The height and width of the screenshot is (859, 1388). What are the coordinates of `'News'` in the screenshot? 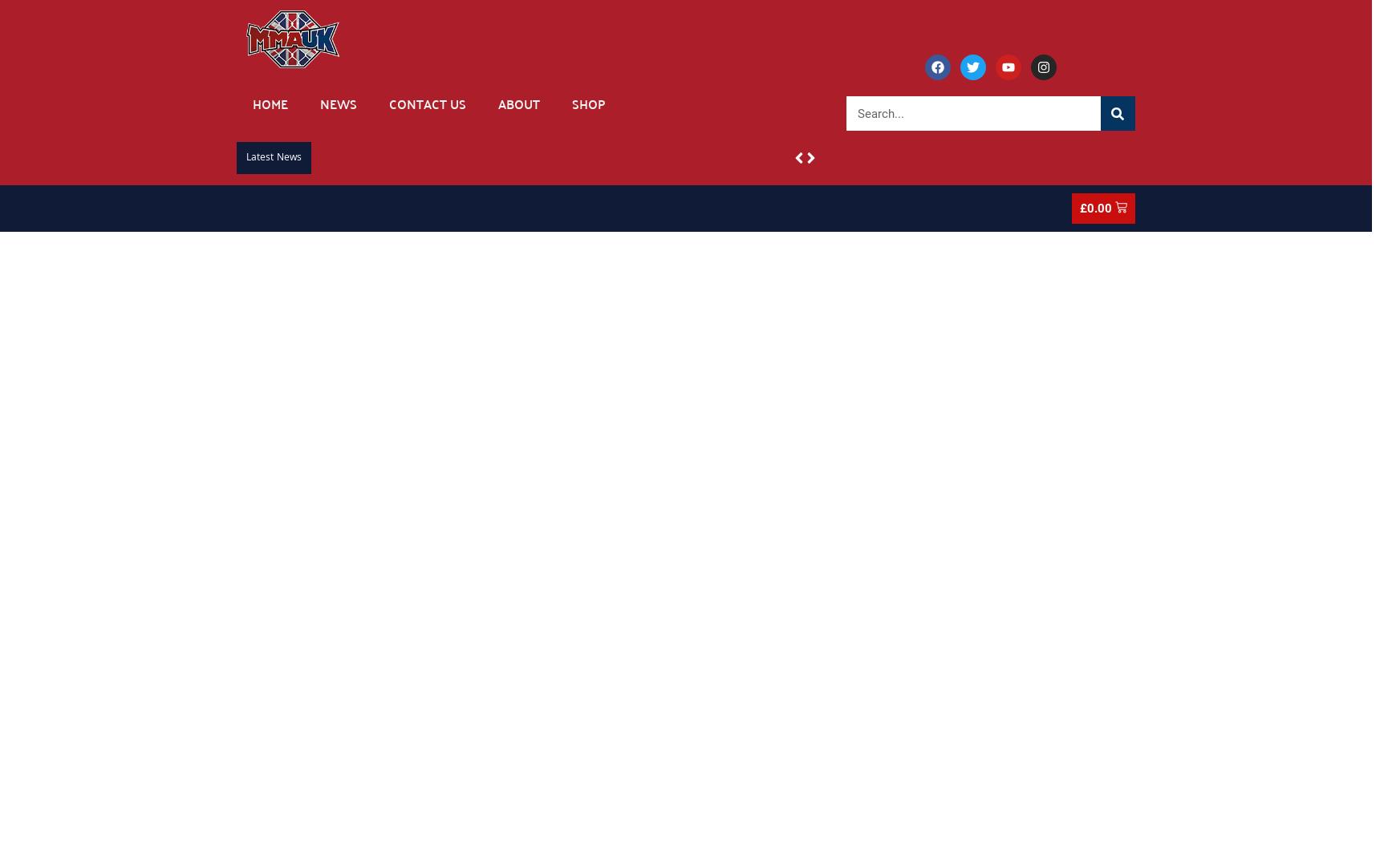 It's located at (338, 103).